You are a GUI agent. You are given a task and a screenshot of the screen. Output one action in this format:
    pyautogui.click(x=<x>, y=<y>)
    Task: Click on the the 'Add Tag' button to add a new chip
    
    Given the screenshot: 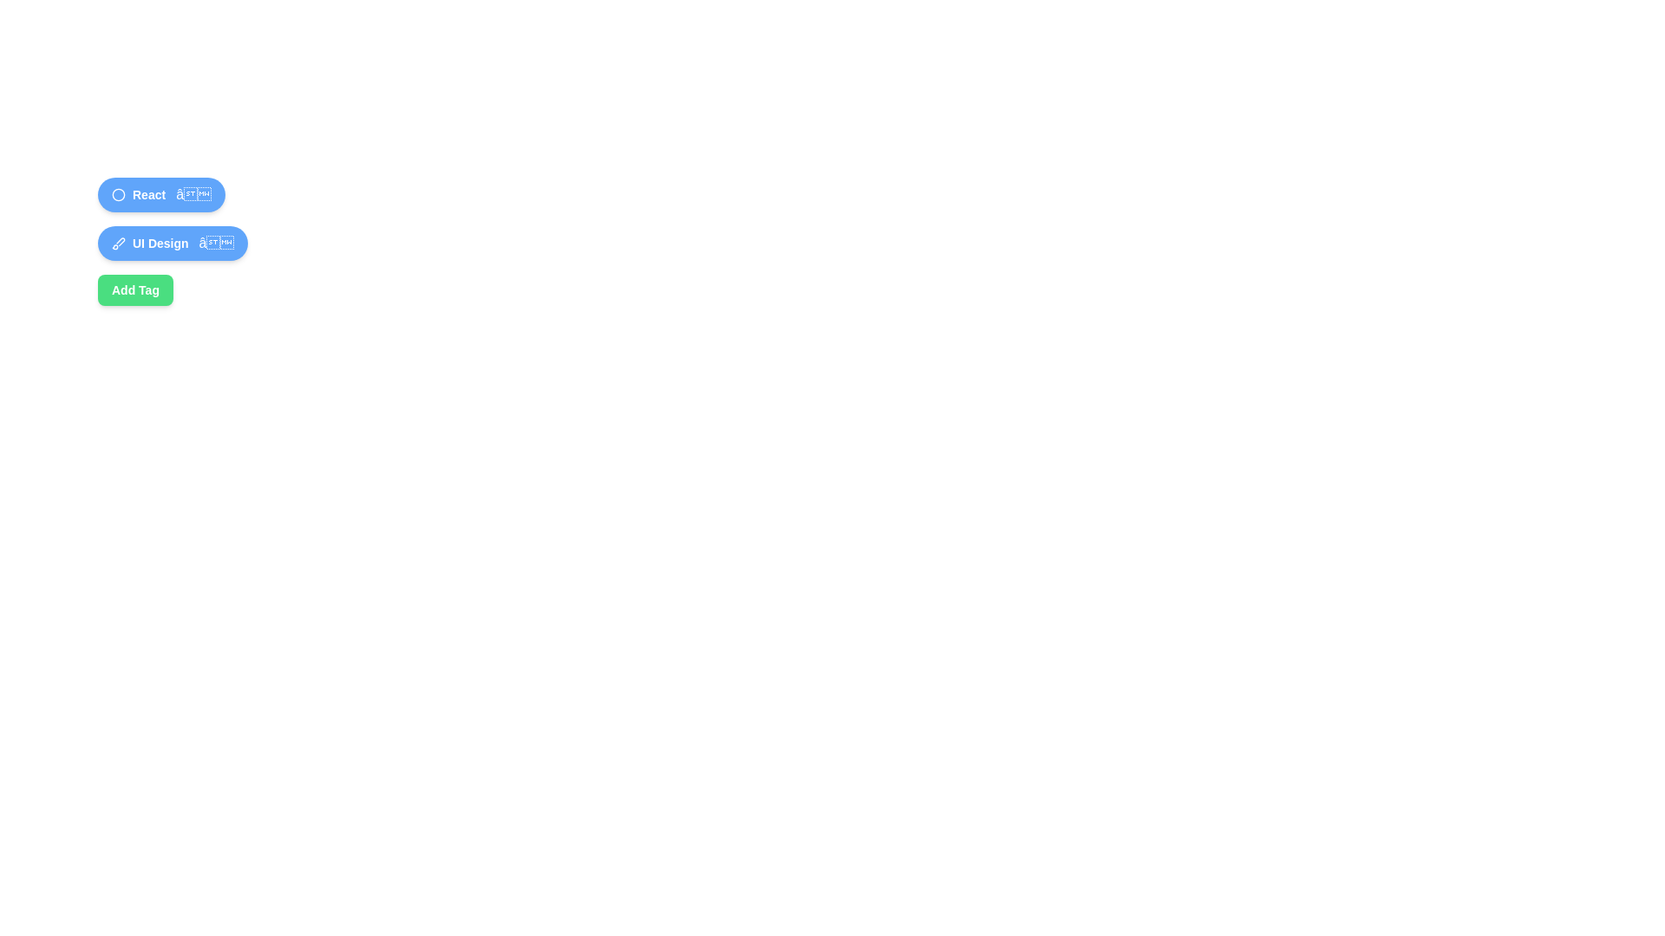 What is the action you would take?
    pyautogui.click(x=134, y=289)
    